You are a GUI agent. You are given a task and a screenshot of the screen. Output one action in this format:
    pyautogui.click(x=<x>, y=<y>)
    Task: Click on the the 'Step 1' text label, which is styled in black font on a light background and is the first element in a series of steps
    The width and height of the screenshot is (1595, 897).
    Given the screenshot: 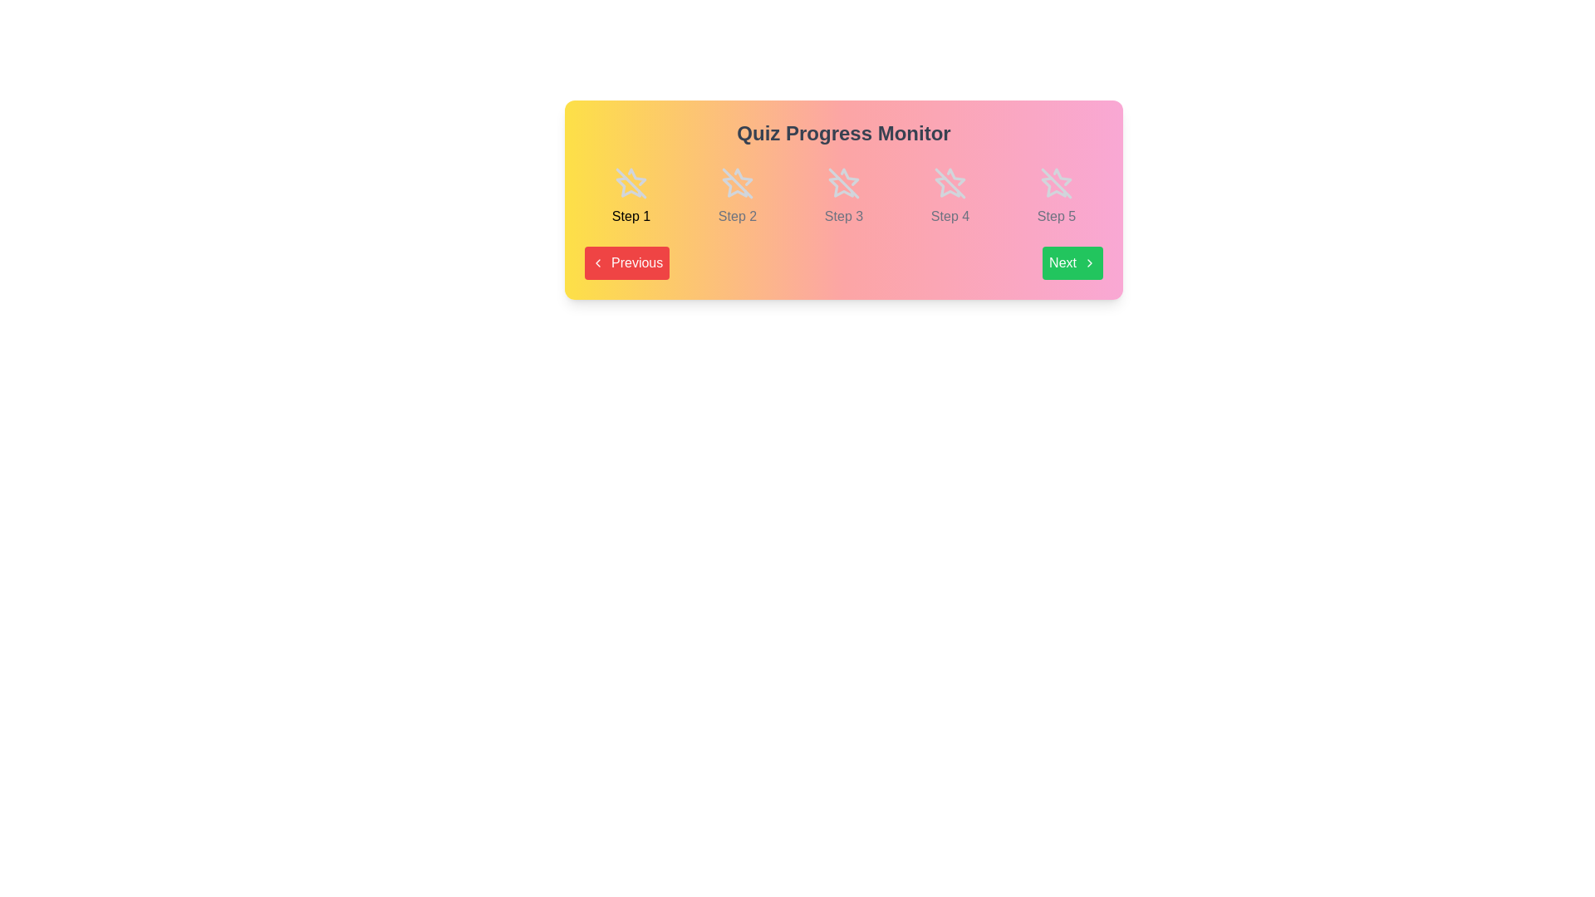 What is the action you would take?
    pyautogui.click(x=630, y=216)
    